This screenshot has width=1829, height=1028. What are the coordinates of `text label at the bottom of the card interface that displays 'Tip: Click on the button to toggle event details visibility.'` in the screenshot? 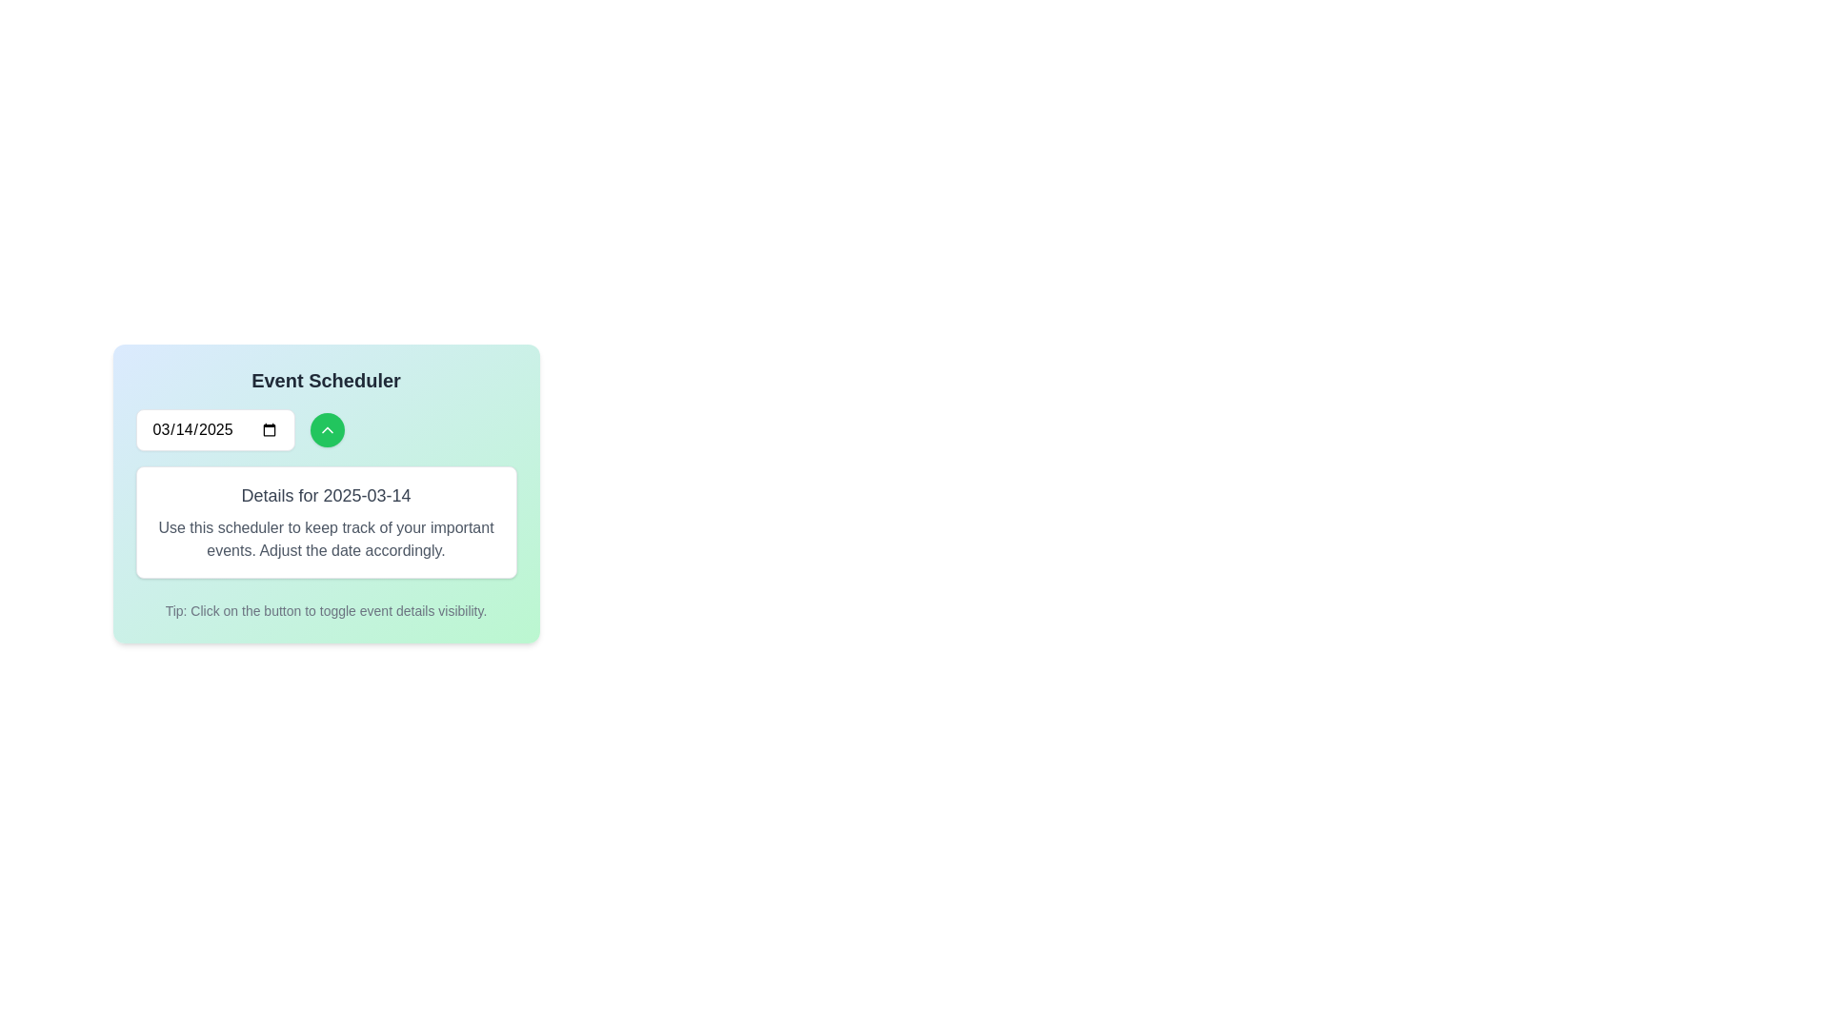 It's located at (326, 610).